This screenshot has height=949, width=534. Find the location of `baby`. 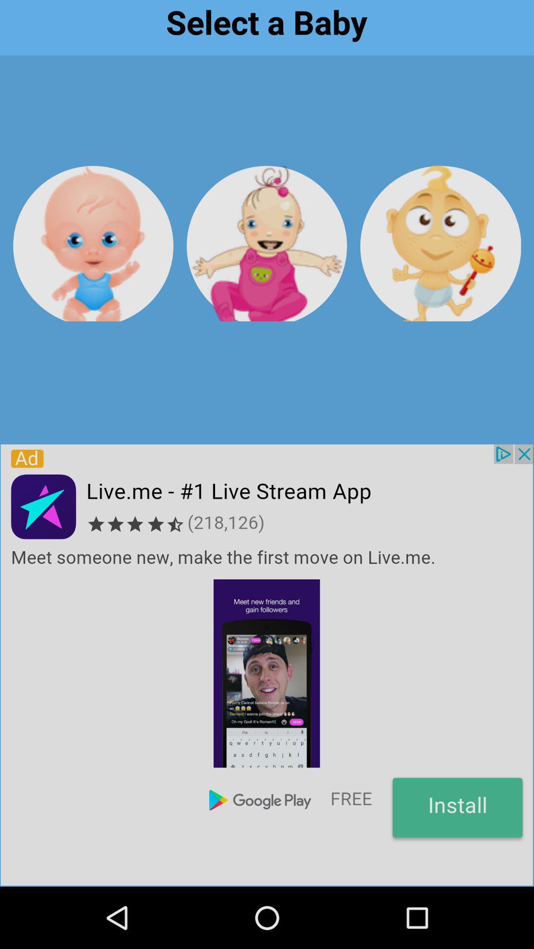

baby is located at coordinates (93, 243).